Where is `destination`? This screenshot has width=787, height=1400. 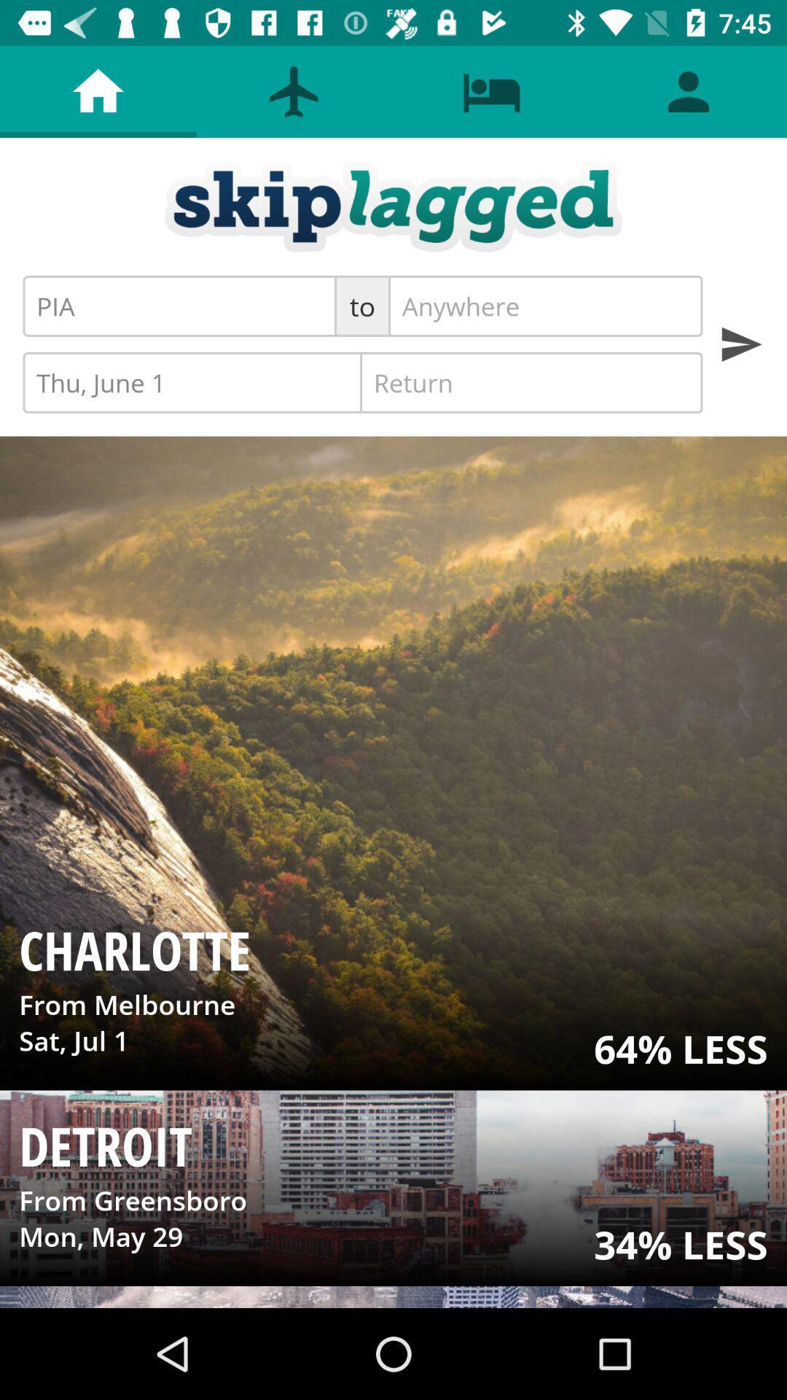
destination is located at coordinates (545, 306).